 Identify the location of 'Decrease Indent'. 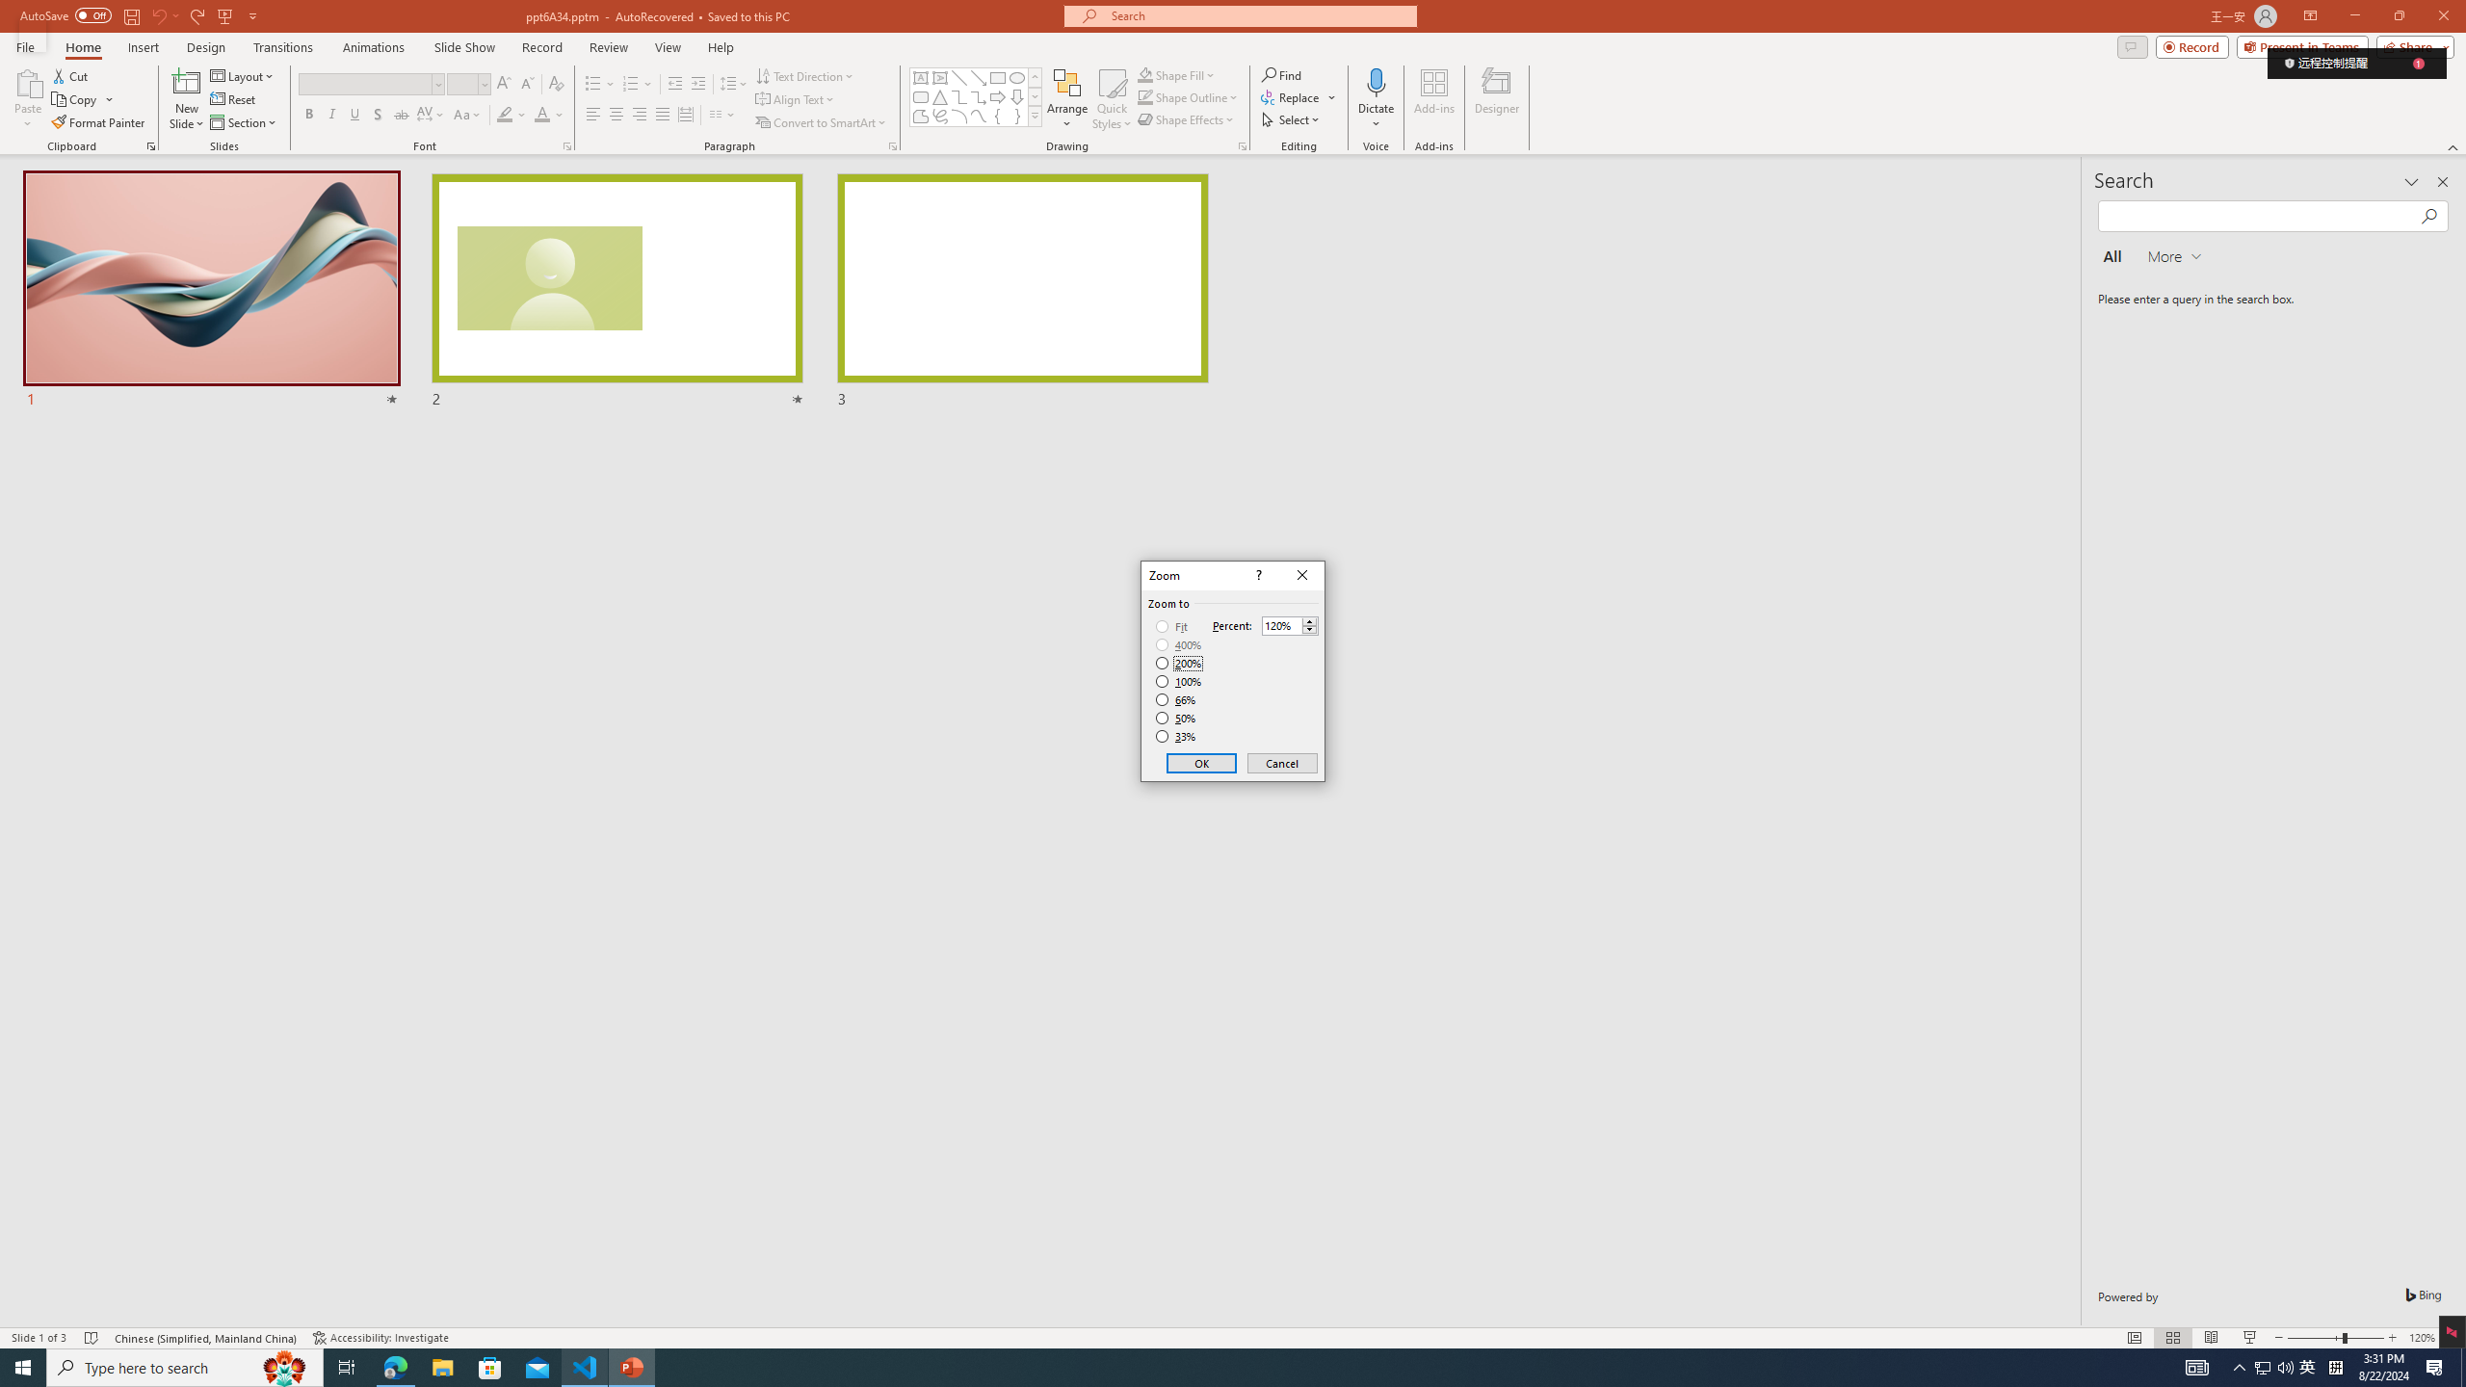
(675, 84).